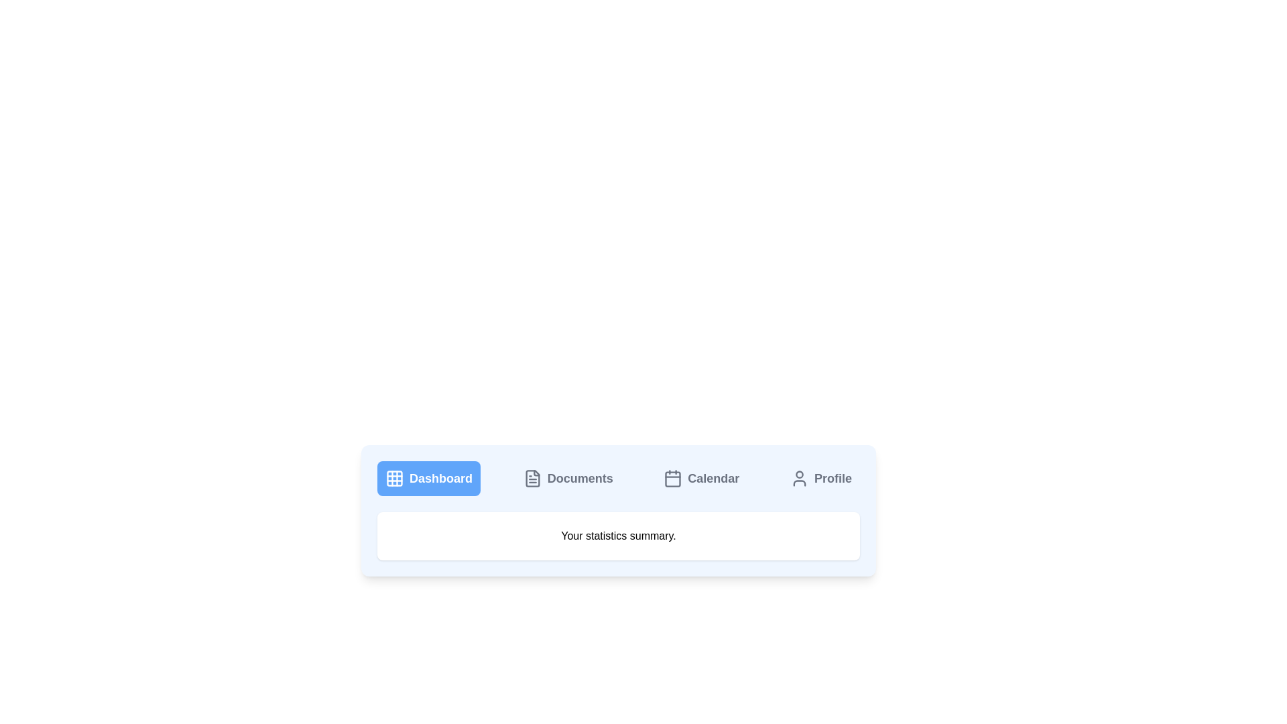 The image size is (1287, 724). Describe the element at coordinates (532, 477) in the screenshot. I see `the icon that symbolizes a link to the 'Documents' section, located second from the left in the navigation menu` at that location.